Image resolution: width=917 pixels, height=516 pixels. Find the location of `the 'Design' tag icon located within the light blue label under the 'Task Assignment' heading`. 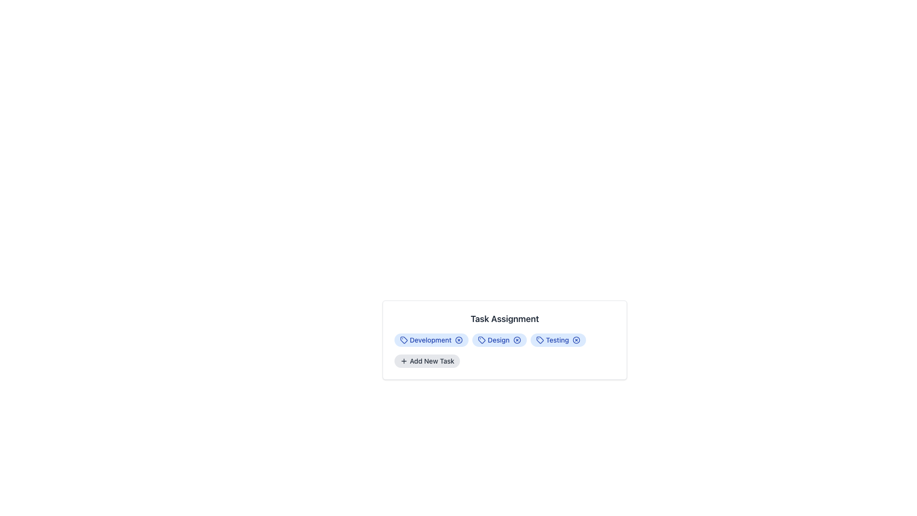

the 'Design' tag icon located within the light blue label under the 'Task Assignment' heading is located at coordinates (482, 340).